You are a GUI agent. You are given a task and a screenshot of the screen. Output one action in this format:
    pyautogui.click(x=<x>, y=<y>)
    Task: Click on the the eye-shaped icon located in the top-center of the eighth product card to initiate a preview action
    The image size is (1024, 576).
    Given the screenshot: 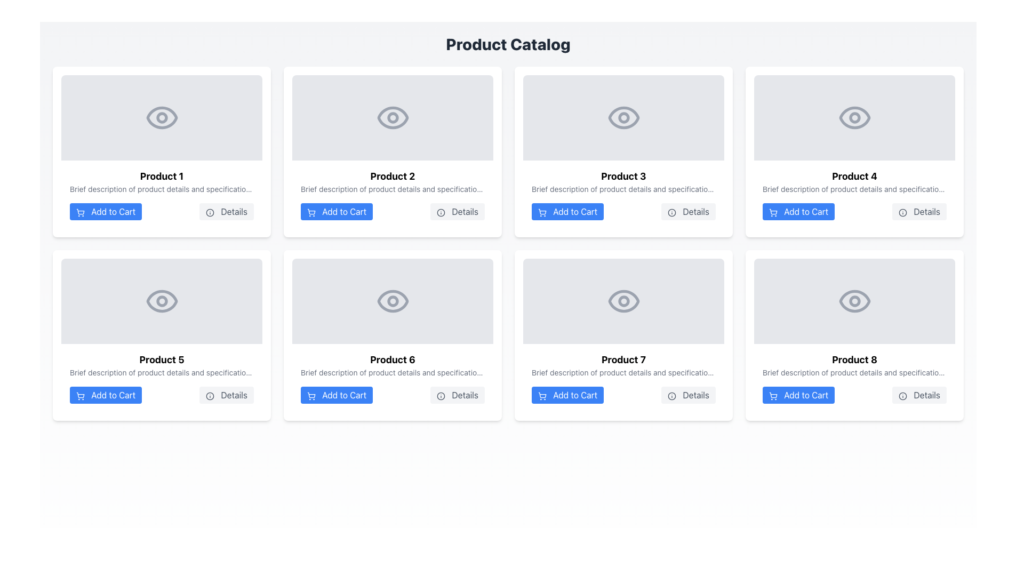 What is the action you would take?
    pyautogui.click(x=854, y=301)
    